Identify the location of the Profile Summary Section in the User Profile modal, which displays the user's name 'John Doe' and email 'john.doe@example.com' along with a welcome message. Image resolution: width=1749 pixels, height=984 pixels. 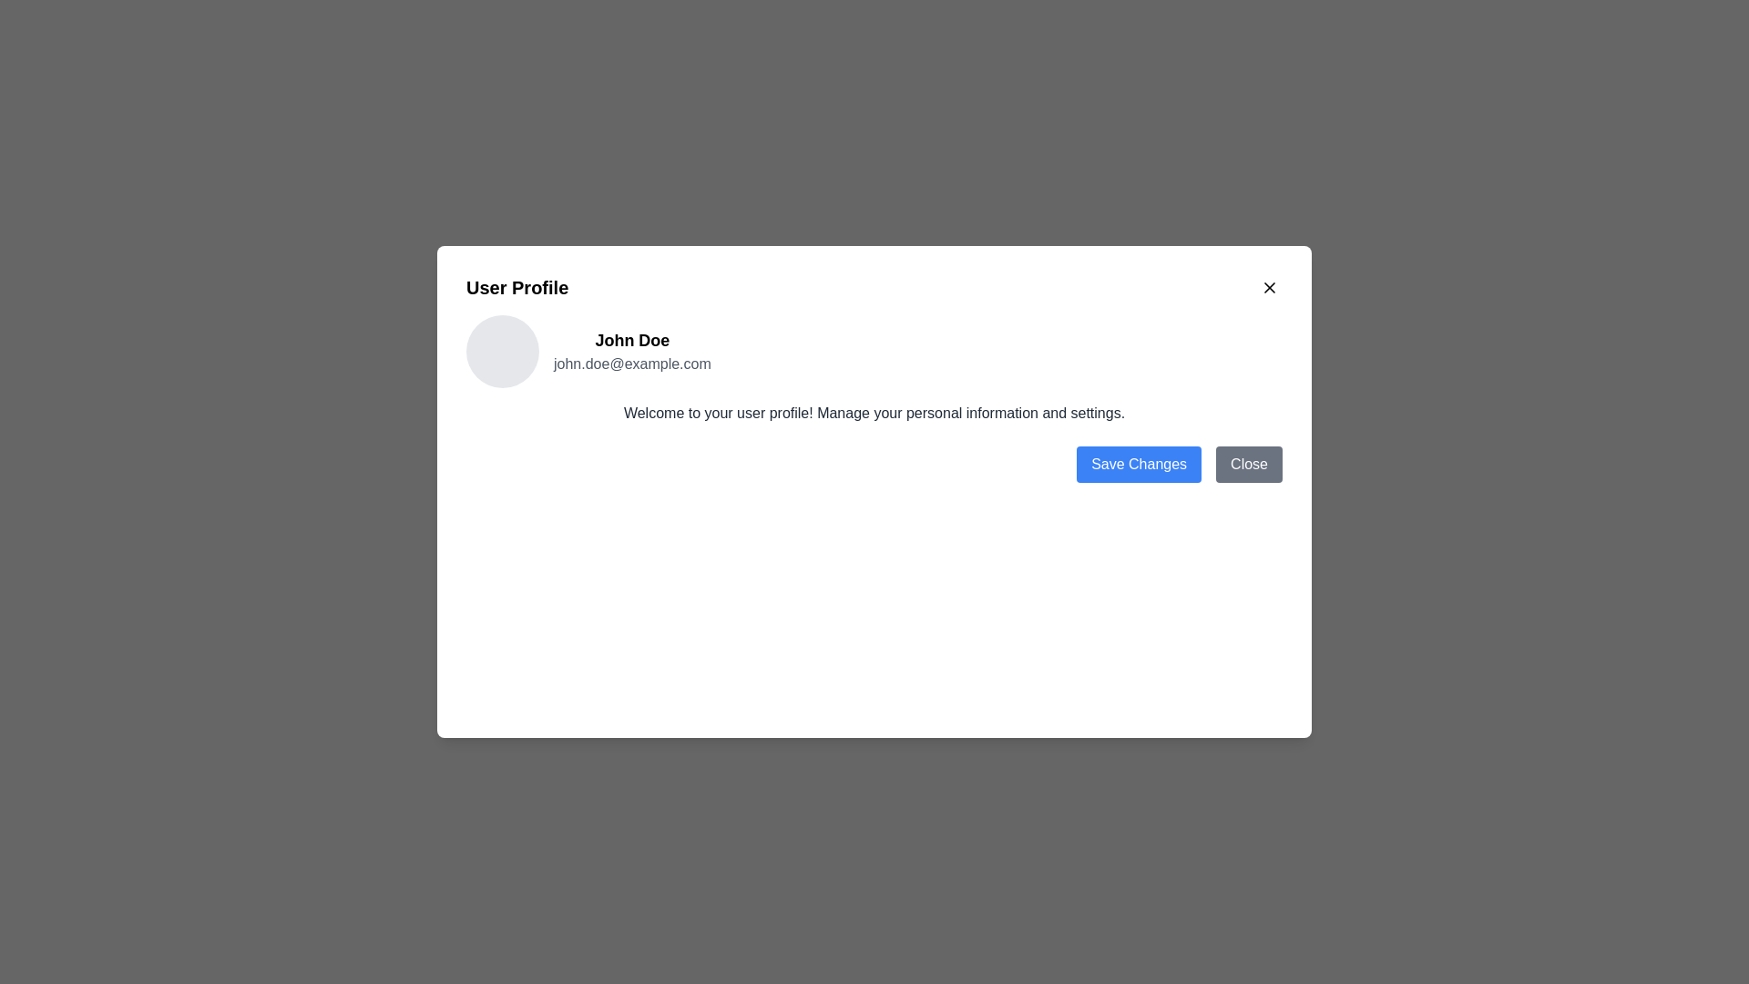
(874, 369).